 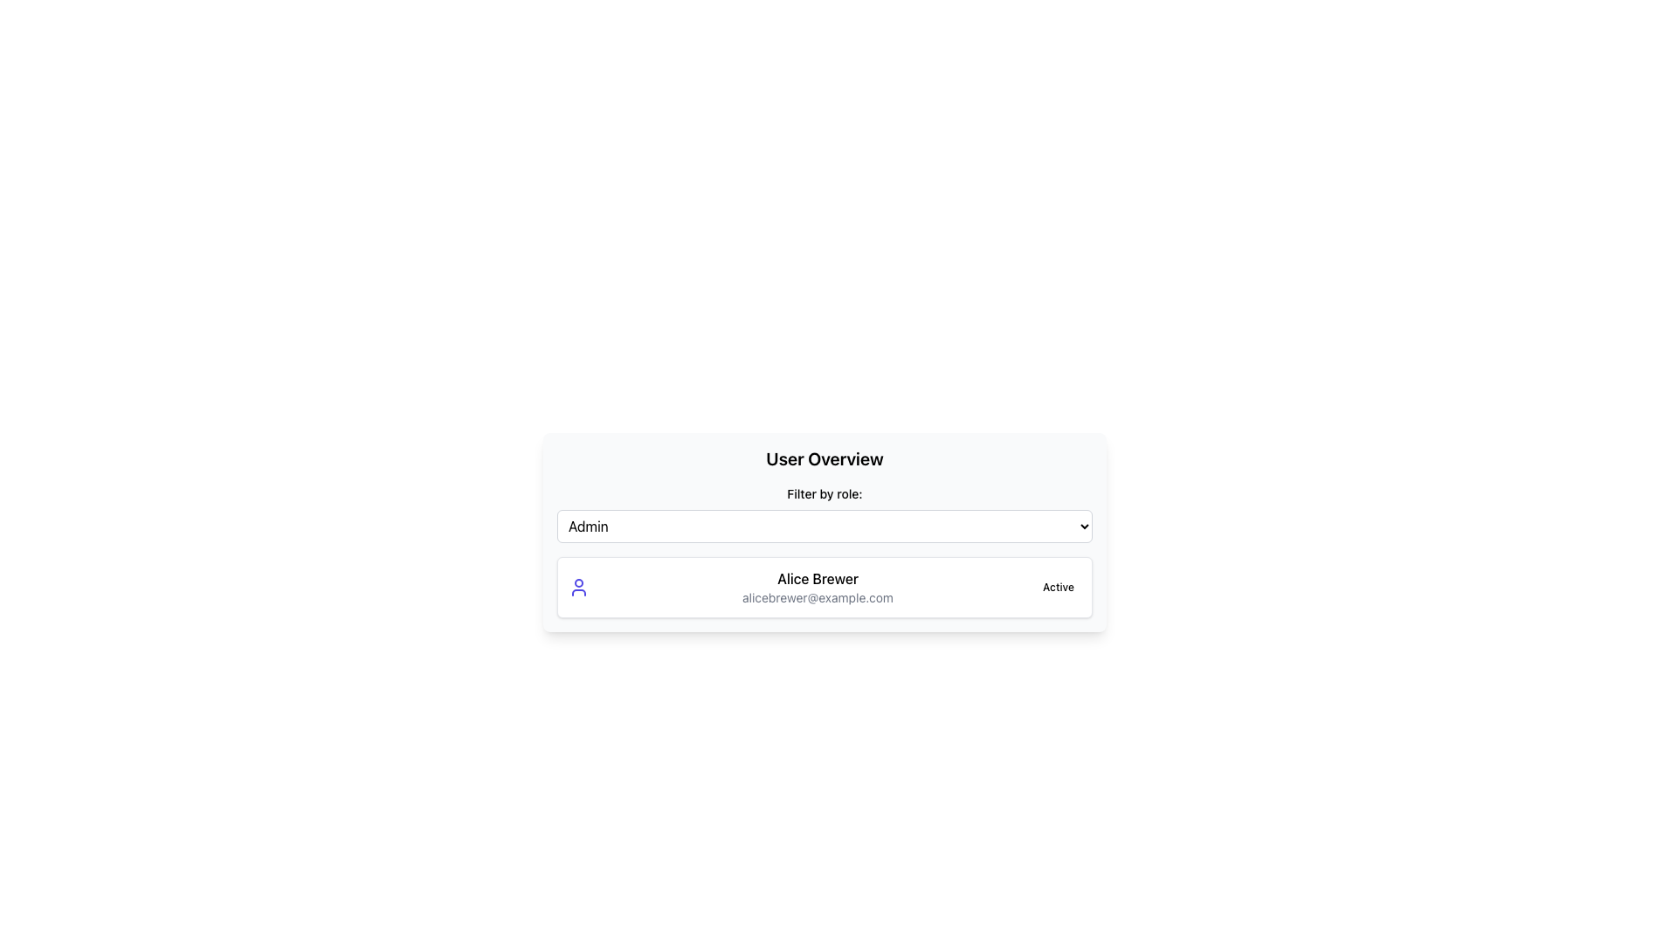 I want to click on the email address 'alicebrewer@example.com' displayed in the Profile Card of user 'Alice Brewer' to copy it, so click(x=824, y=587).